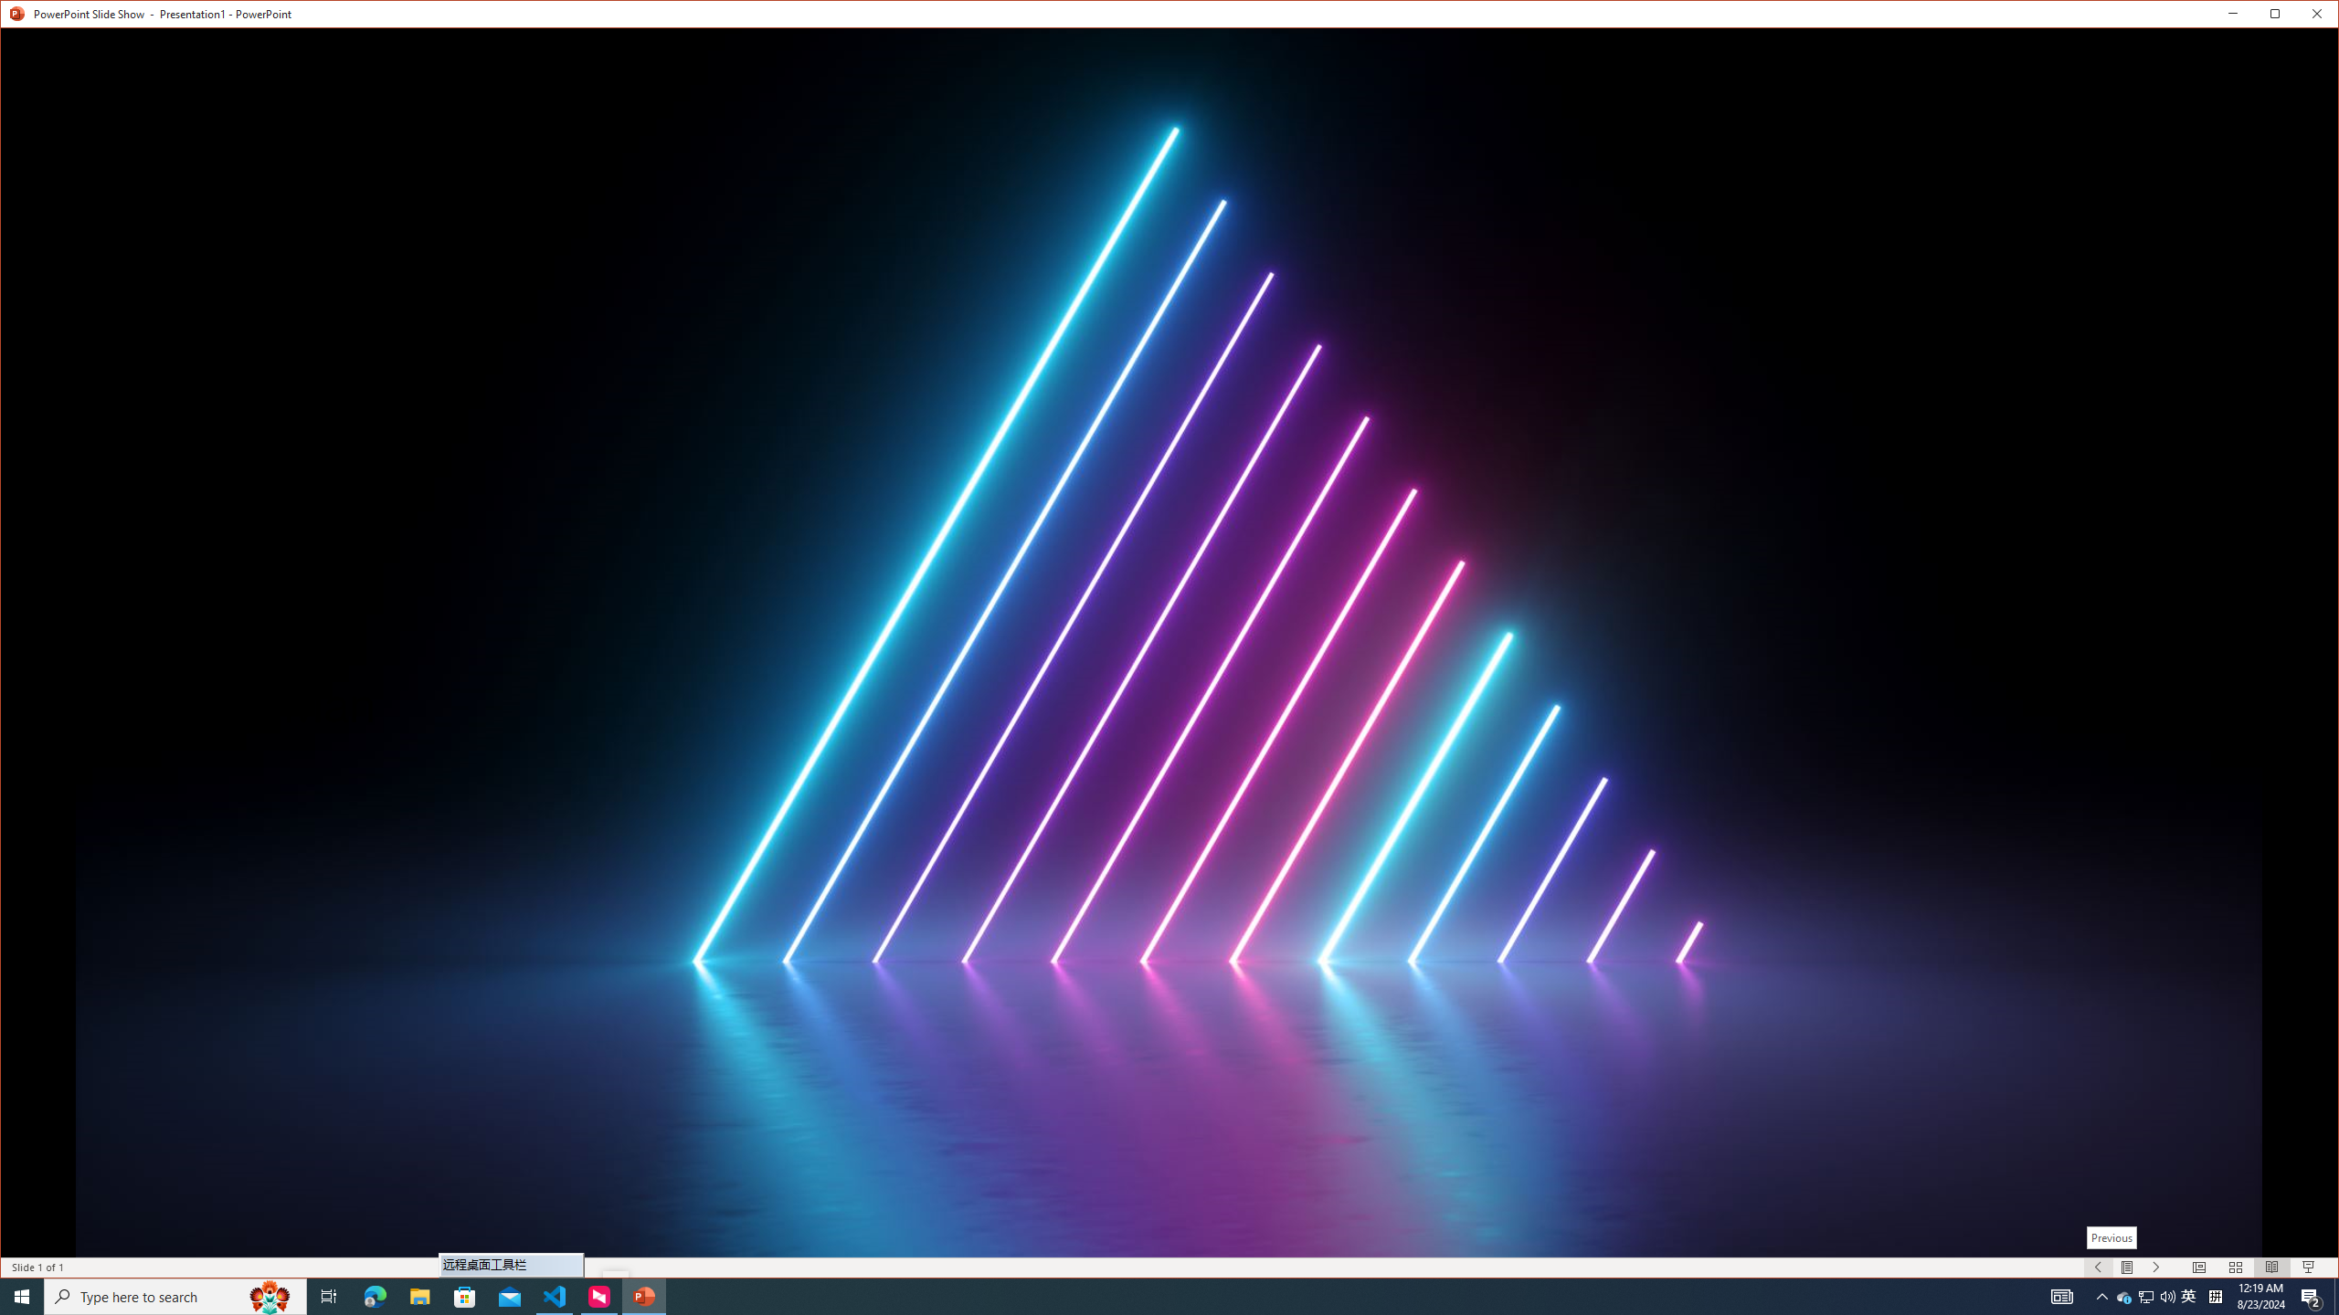  I want to click on 'Menu On', so click(2127, 1267).